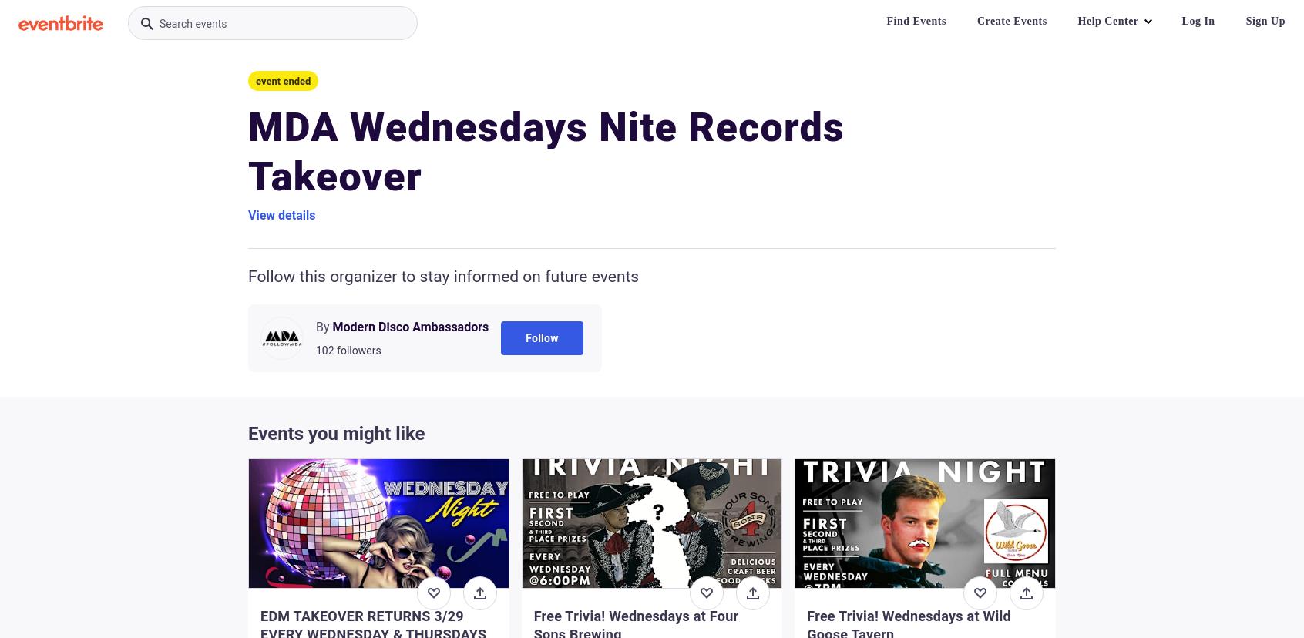 This screenshot has width=1304, height=638. Describe the element at coordinates (358, 349) in the screenshot. I see `'followers'` at that location.